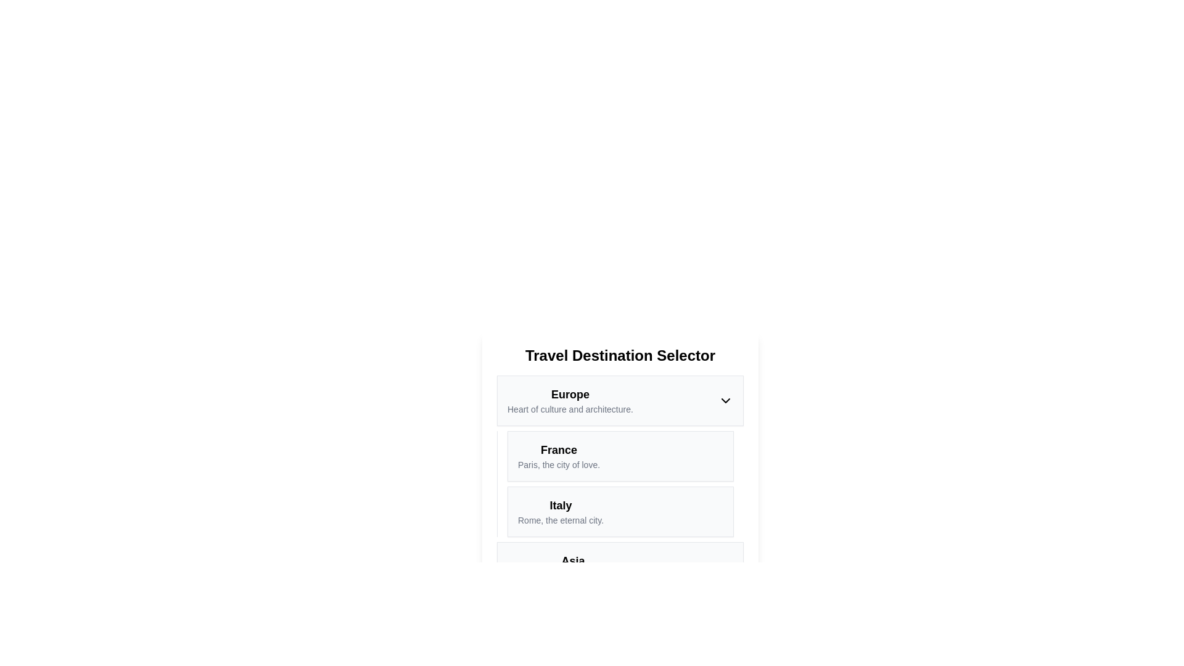 The width and height of the screenshot is (1184, 666). Describe the element at coordinates (560, 520) in the screenshot. I see `the text label that reads 'Rome, the eternal city,' which is located below the bold title 'Italy' in the Italy section` at that location.